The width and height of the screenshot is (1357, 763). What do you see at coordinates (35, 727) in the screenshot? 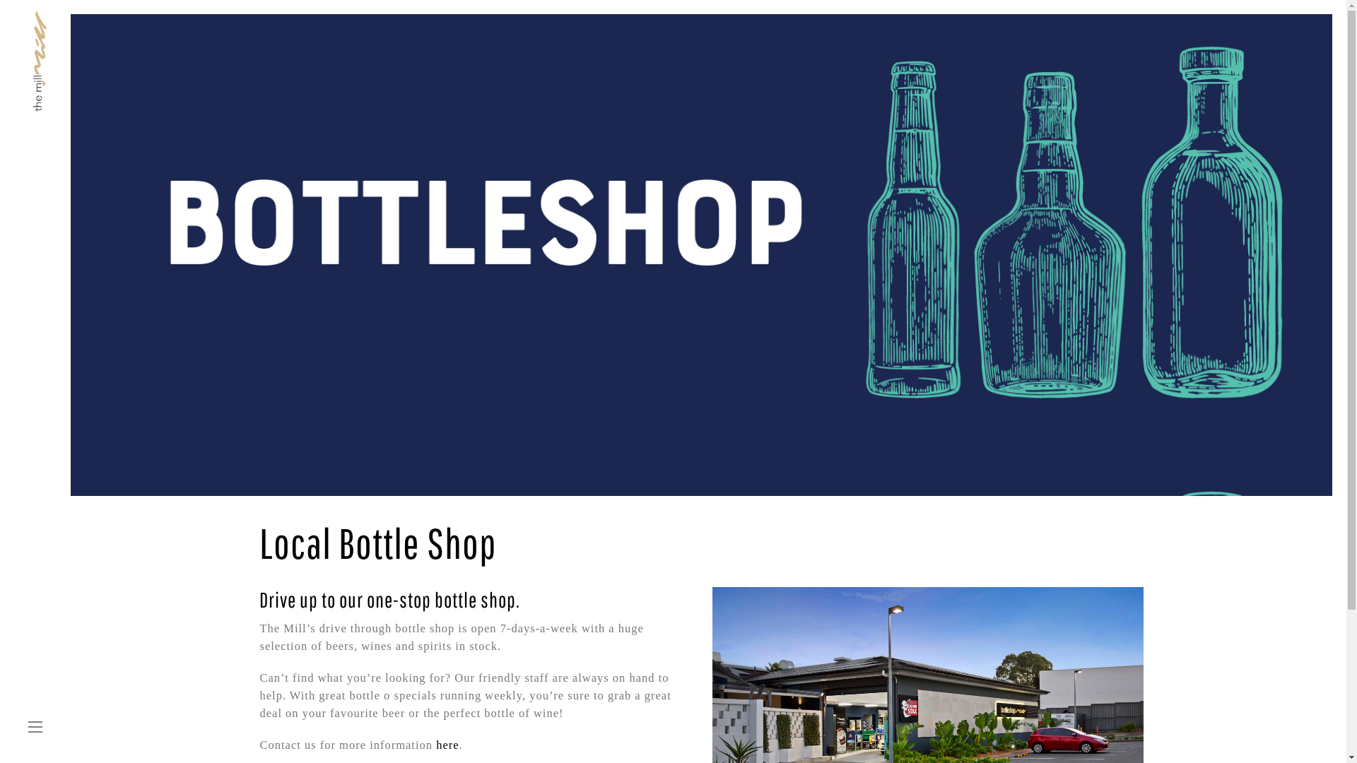
I see `'toggle menu'` at bounding box center [35, 727].